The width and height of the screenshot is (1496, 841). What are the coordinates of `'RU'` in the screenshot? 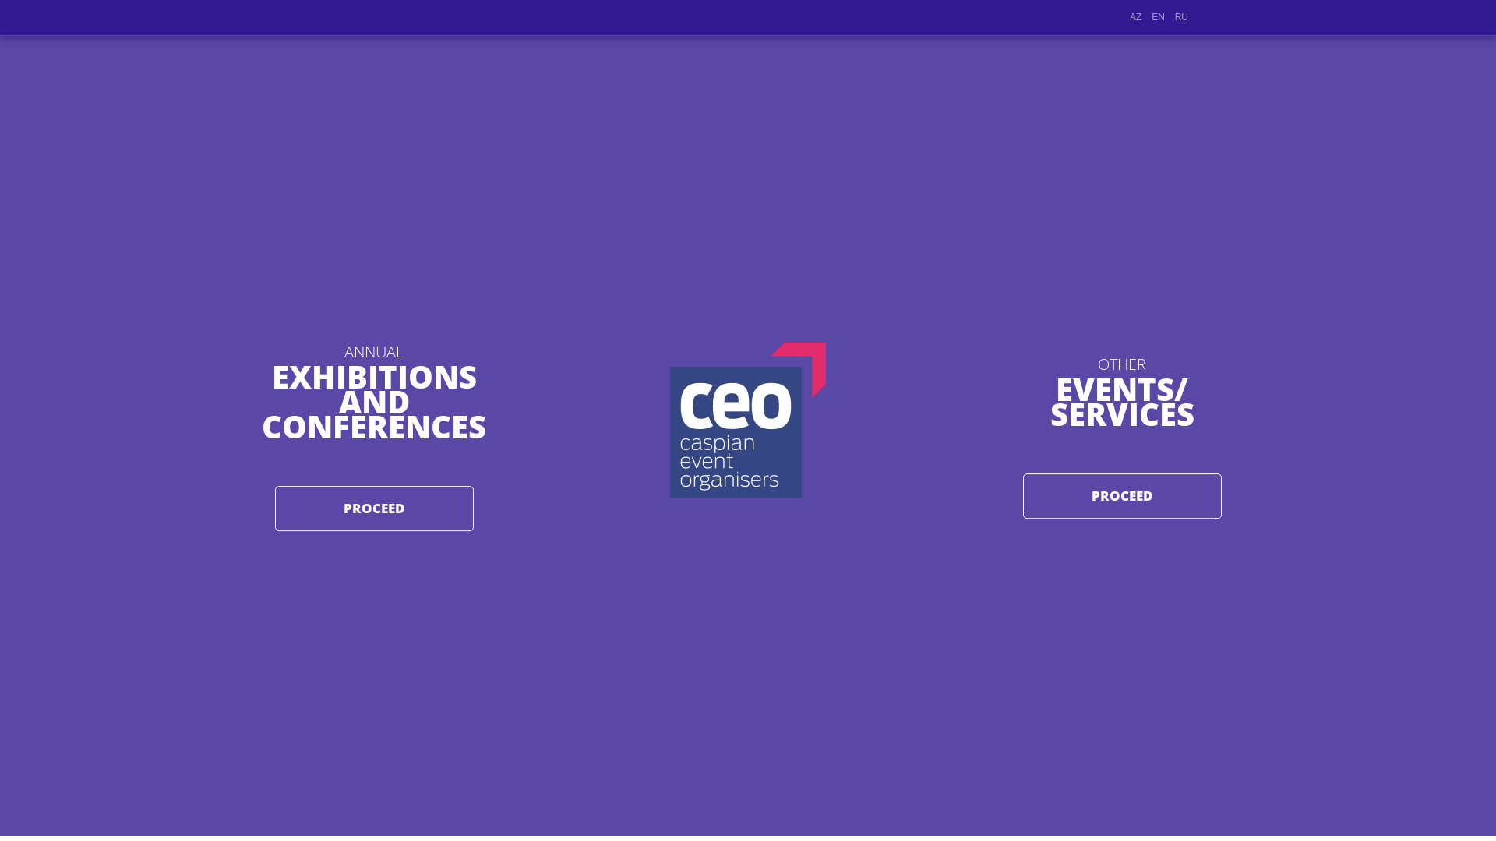 It's located at (1181, 17).